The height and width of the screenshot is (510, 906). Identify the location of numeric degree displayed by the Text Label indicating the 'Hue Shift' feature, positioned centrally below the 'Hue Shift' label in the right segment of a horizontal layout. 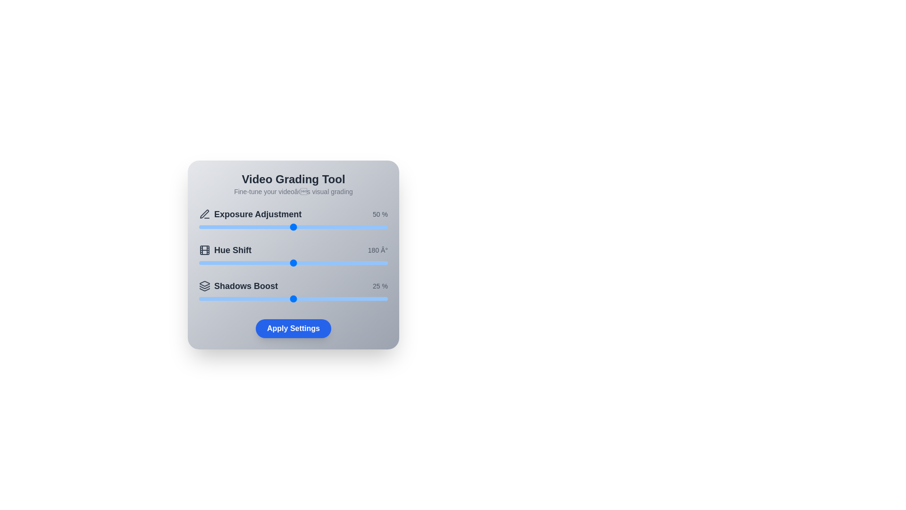
(377, 249).